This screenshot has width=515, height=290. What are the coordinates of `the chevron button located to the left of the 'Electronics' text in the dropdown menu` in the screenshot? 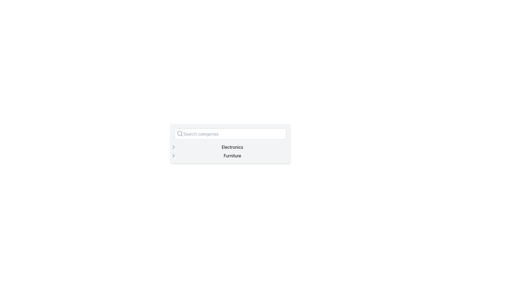 It's located at (173, 147).